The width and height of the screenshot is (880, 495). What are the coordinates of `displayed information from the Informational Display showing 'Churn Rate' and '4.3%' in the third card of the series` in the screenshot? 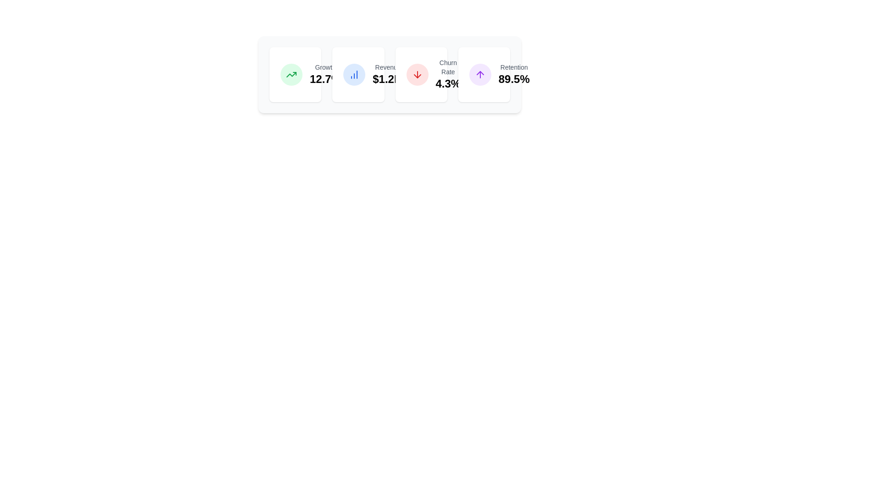 It's located at (448, 74).